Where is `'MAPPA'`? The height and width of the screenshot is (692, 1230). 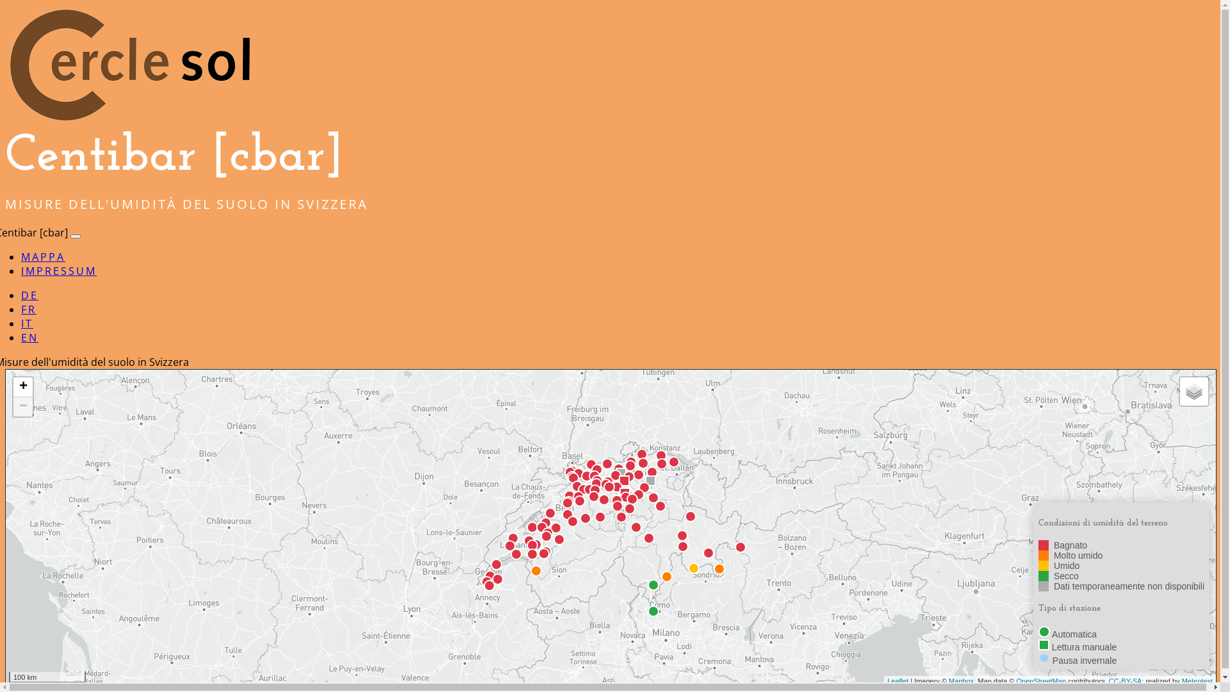 'MAPPA' is located at coordinates (43, 257).